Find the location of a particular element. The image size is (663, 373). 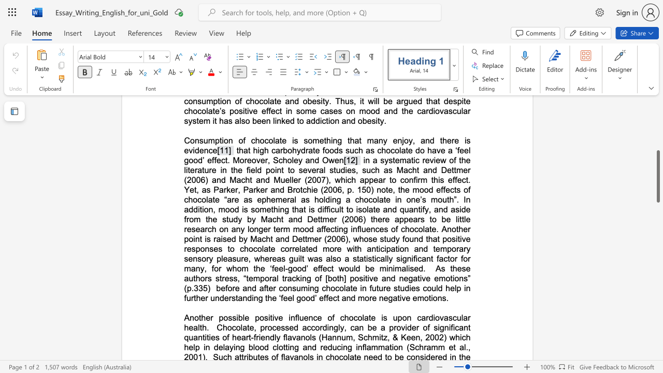

the scrollbar and move up 70 pixels is located at coordinates (657, 176).